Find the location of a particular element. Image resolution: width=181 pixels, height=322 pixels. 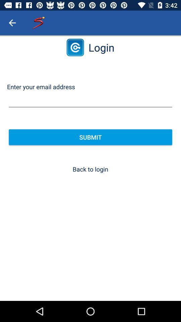

the back to login is located at coordinates (90, 169).